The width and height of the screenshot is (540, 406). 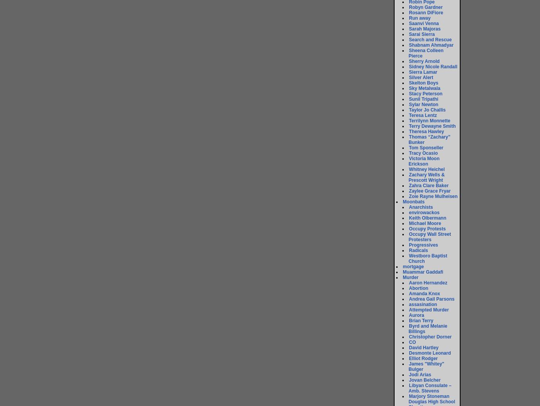 What do you see at coordinates (425, 93) in the screenshot?
I see `'Stacy Peterson'` at bounding box center [425, 93].